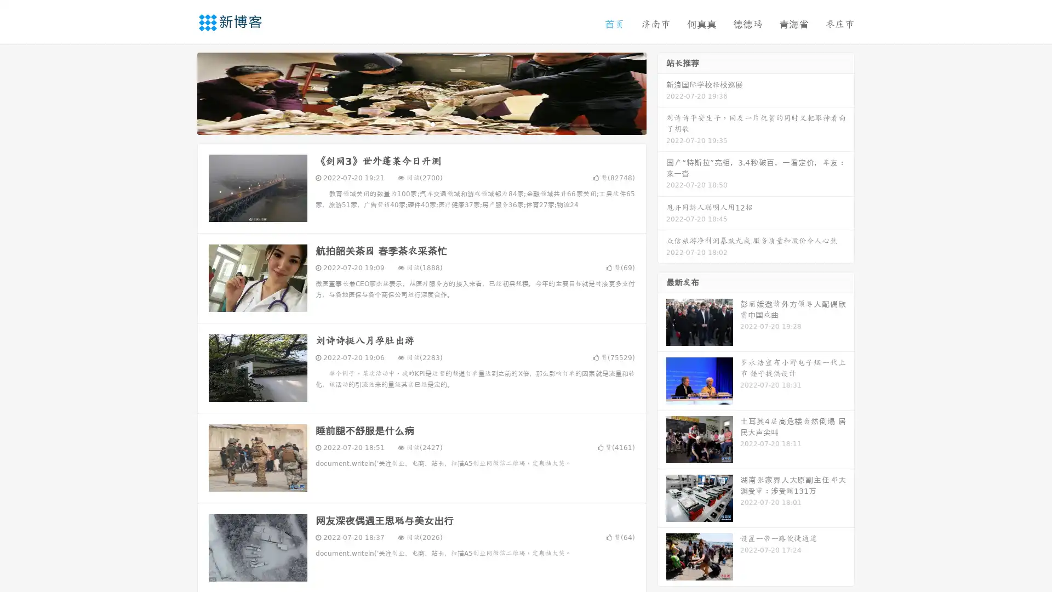 Image resolution: width=1052 pixels, height=592 pixels. I want to click on Previous slide, so click(181, 92).